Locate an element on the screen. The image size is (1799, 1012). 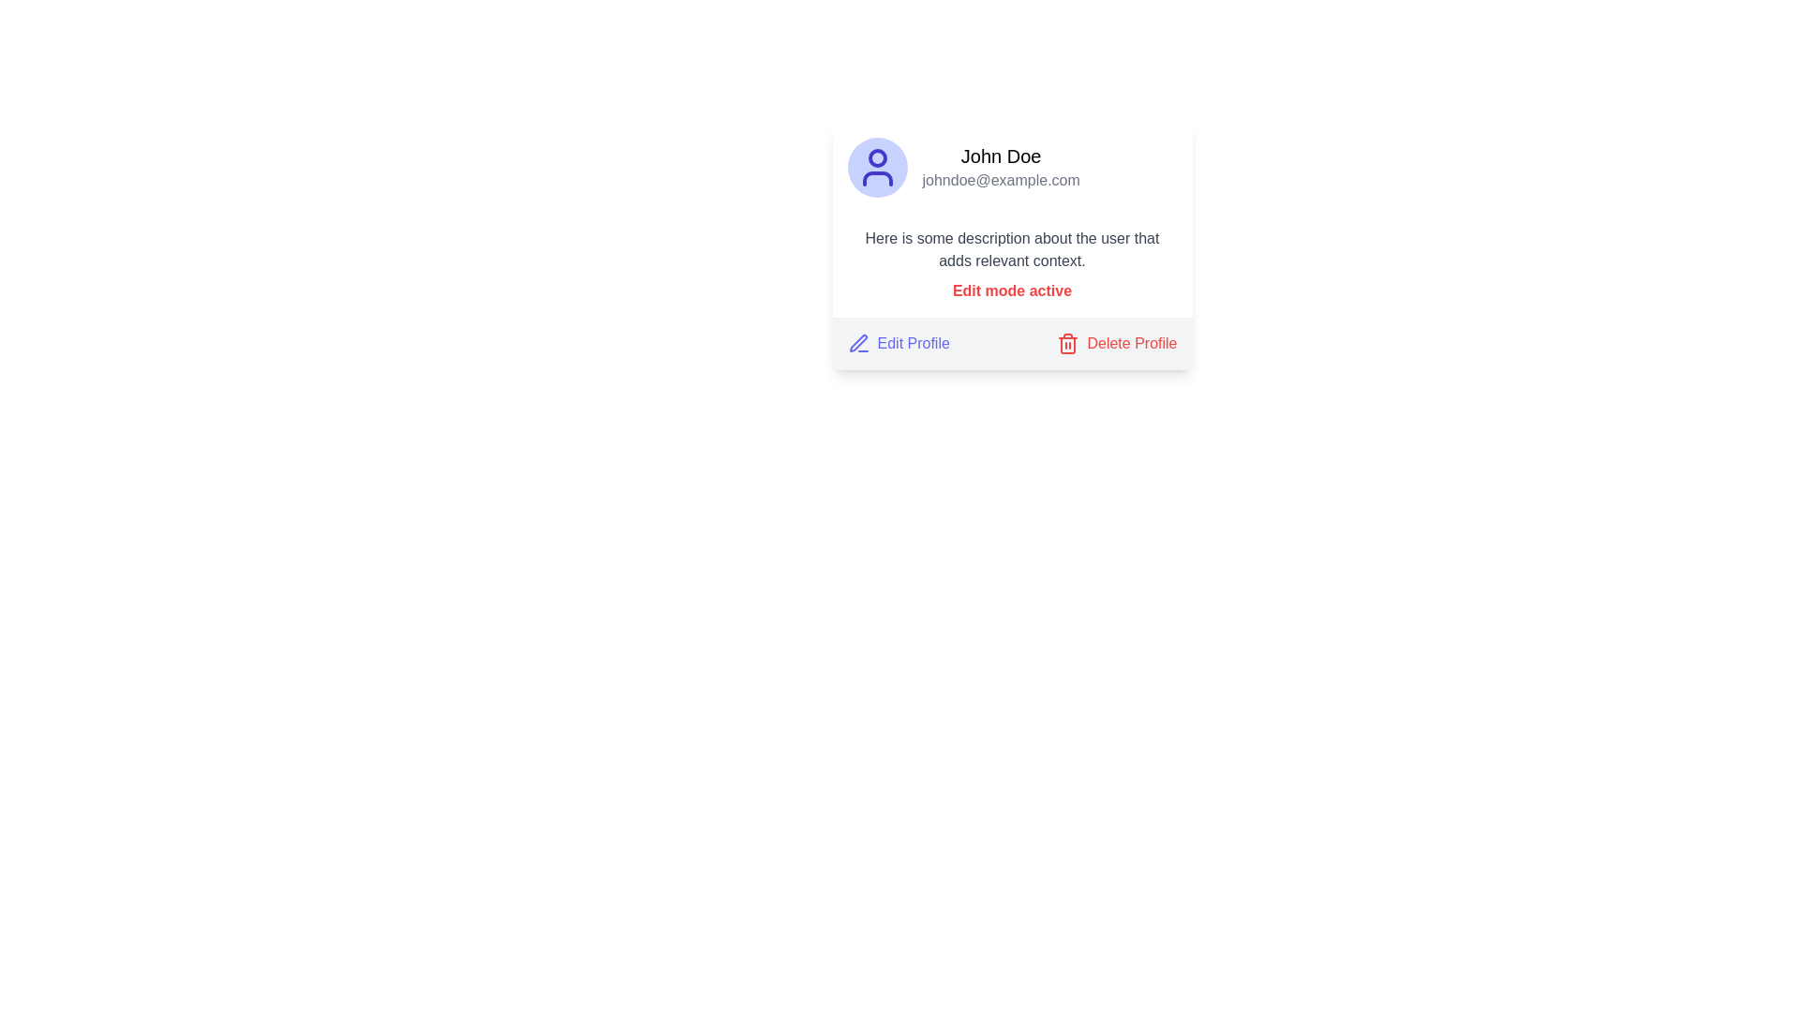
the 'Delete Profile' icon located on the right side of the button labeled 'Delete Profile' is located at coordinates (1068, 343).